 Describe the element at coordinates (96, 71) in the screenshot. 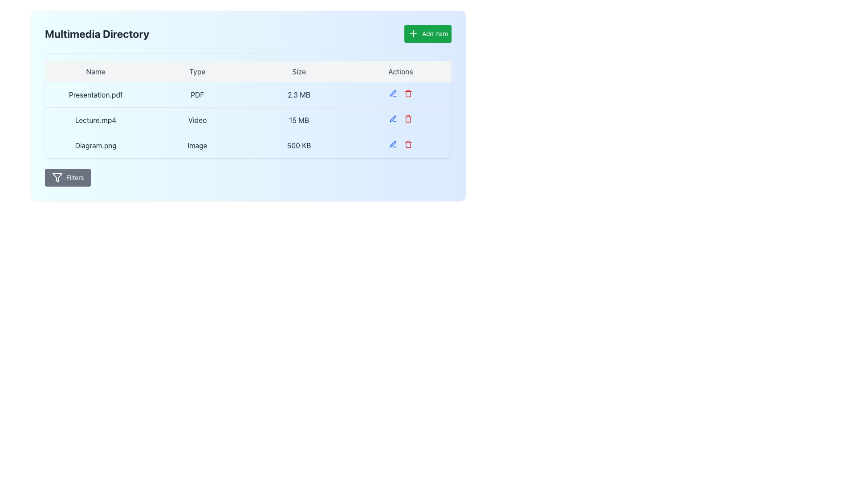

I see `the 'Name' header label in the table, which serves as the title for the first column indicating the names of items listed` at that location.